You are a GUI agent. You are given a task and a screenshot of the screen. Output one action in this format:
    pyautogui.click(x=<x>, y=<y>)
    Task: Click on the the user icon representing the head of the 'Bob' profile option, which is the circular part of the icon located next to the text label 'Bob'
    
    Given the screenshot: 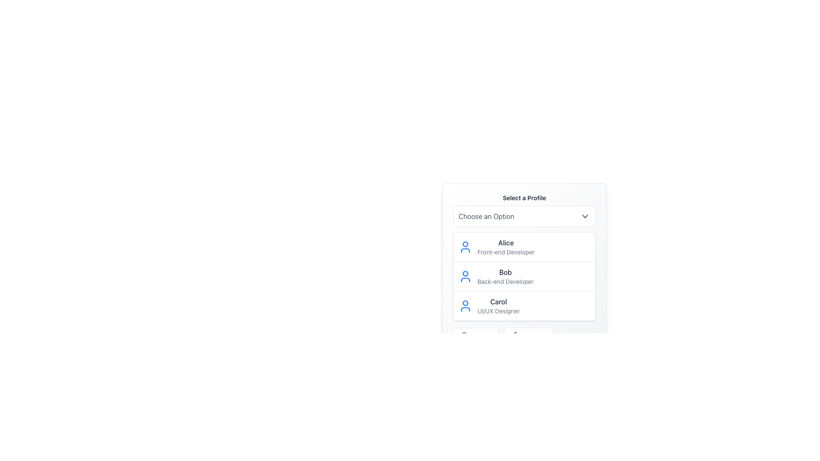 What is the action you would take?
    pyautogui.click(x=465, y=273)
    